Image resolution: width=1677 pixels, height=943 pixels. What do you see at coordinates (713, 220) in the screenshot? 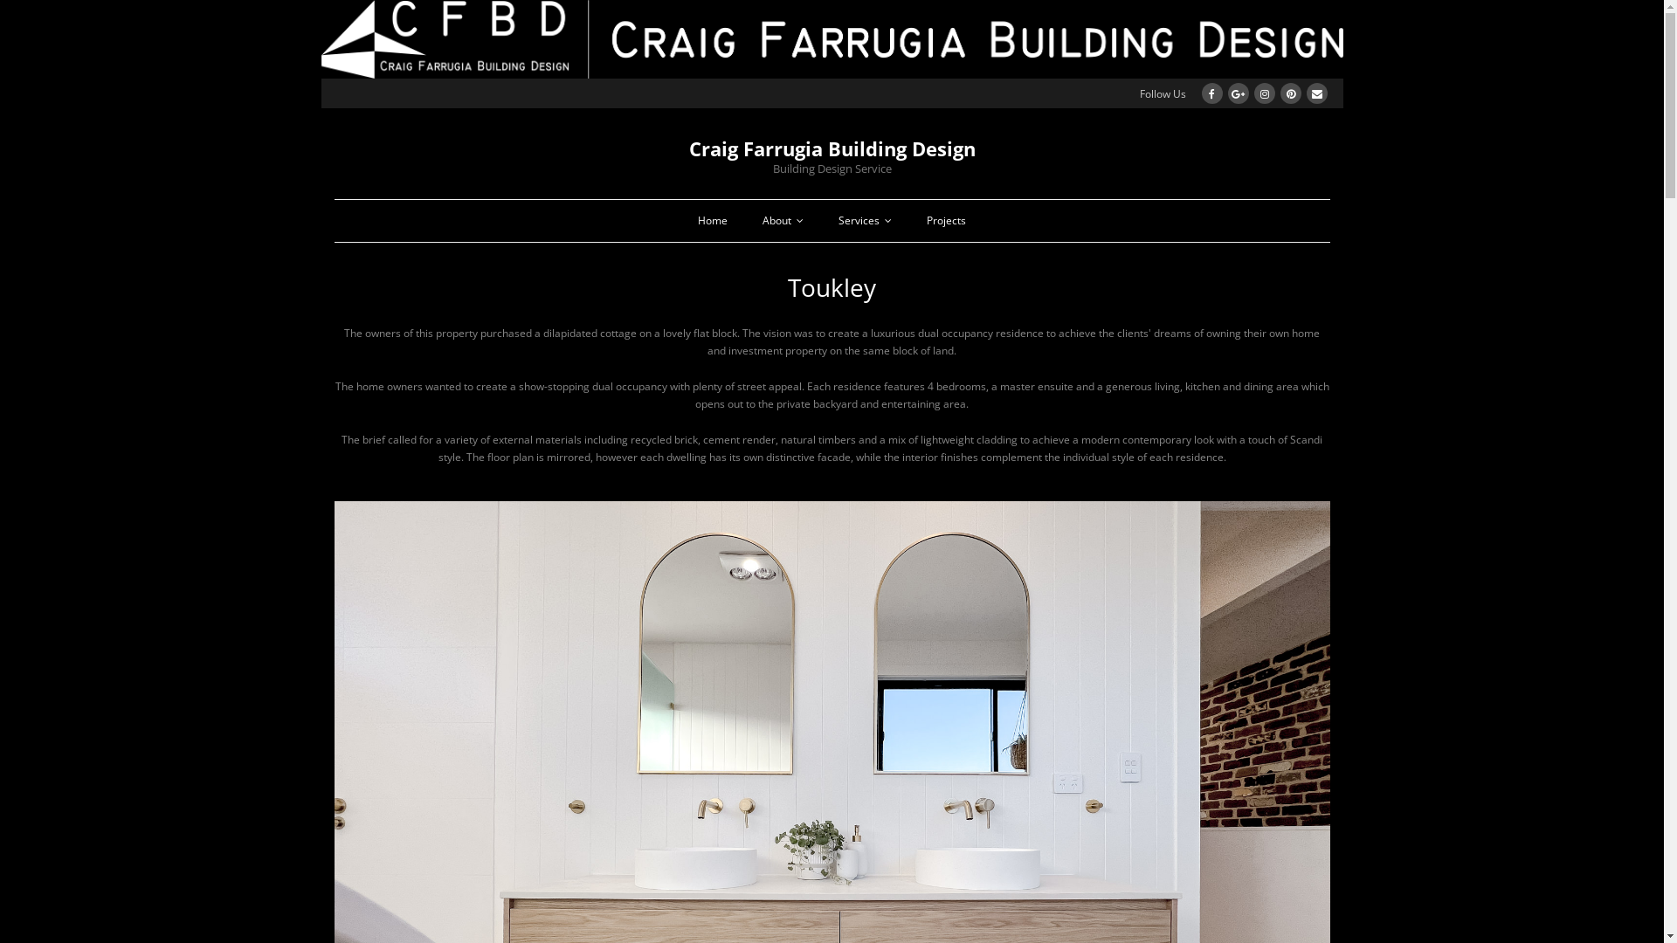
I see `'Home'` at bounding box center [713, 220].